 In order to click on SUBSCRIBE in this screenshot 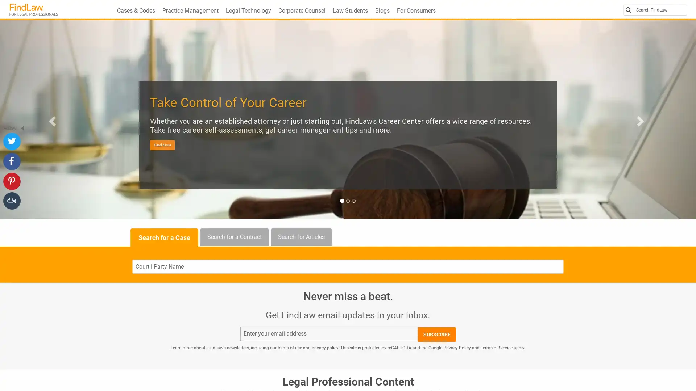, I will do `click(436, 335)`.